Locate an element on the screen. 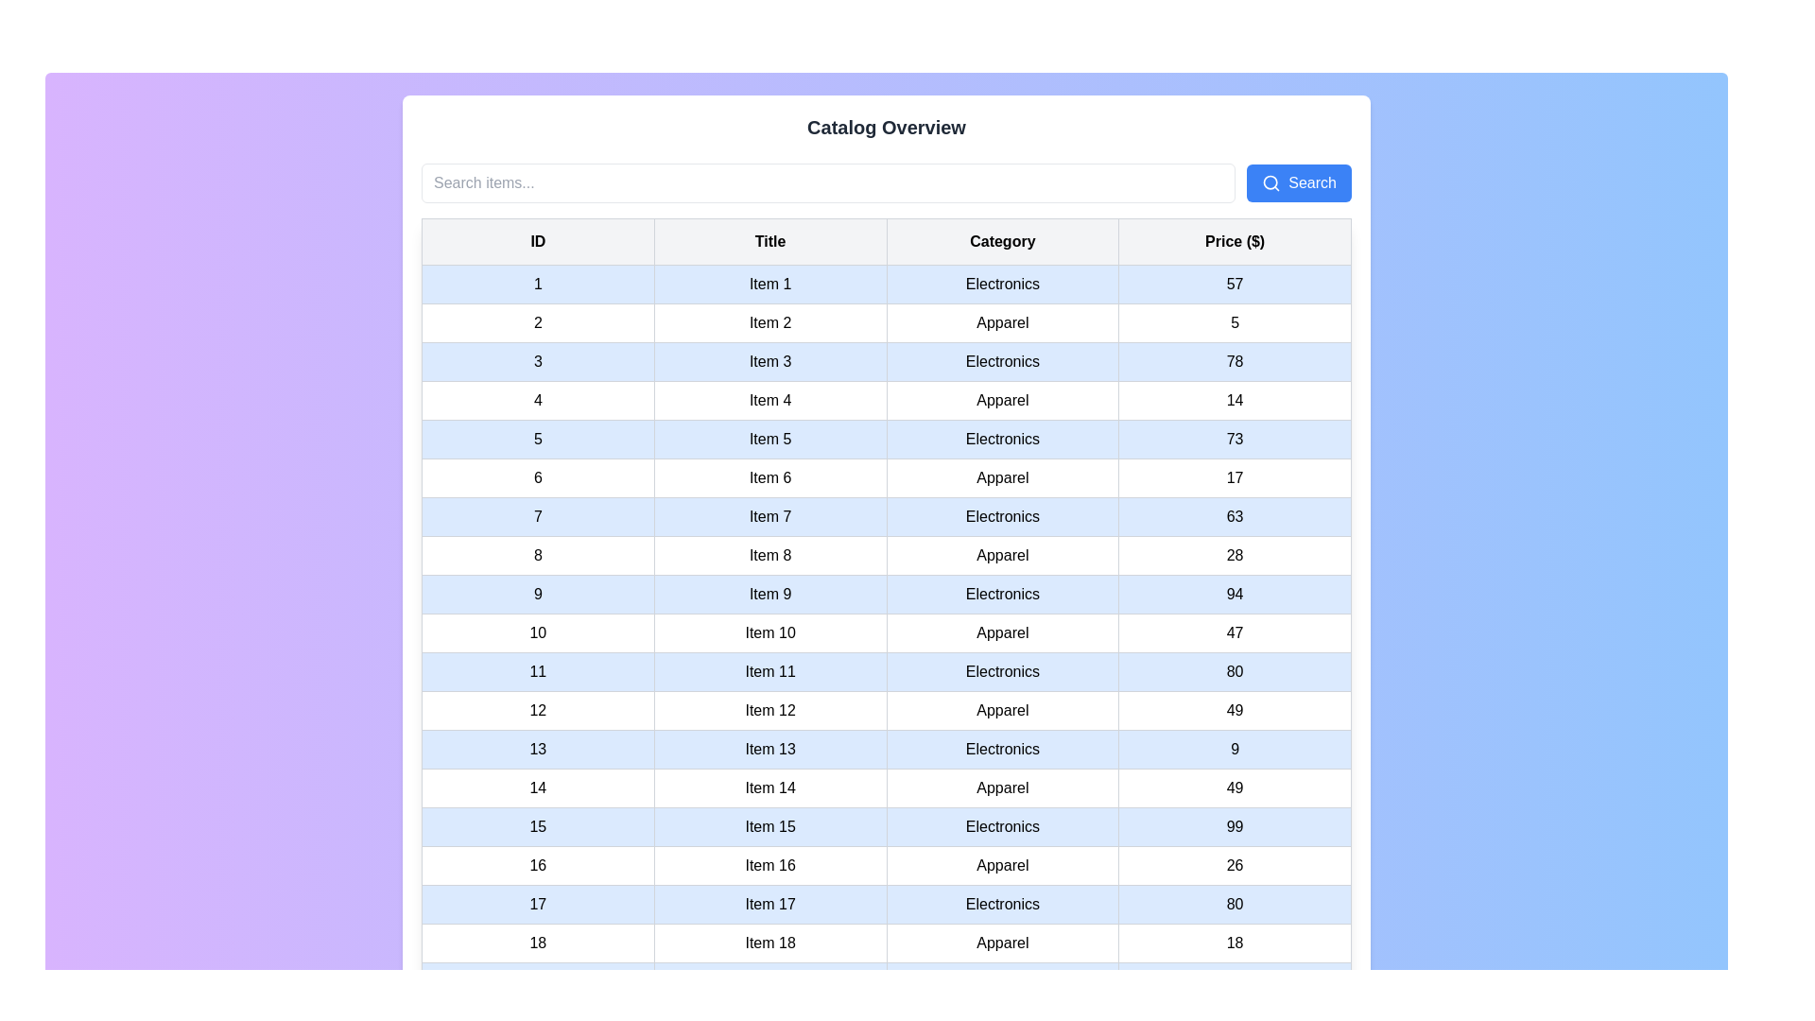 The image size is (1815, 1021). the table cell containing the number '7' in bold, black text, located in the first column under the 'ID' header of the table, to focus on it is located at coordinates (537, 517).